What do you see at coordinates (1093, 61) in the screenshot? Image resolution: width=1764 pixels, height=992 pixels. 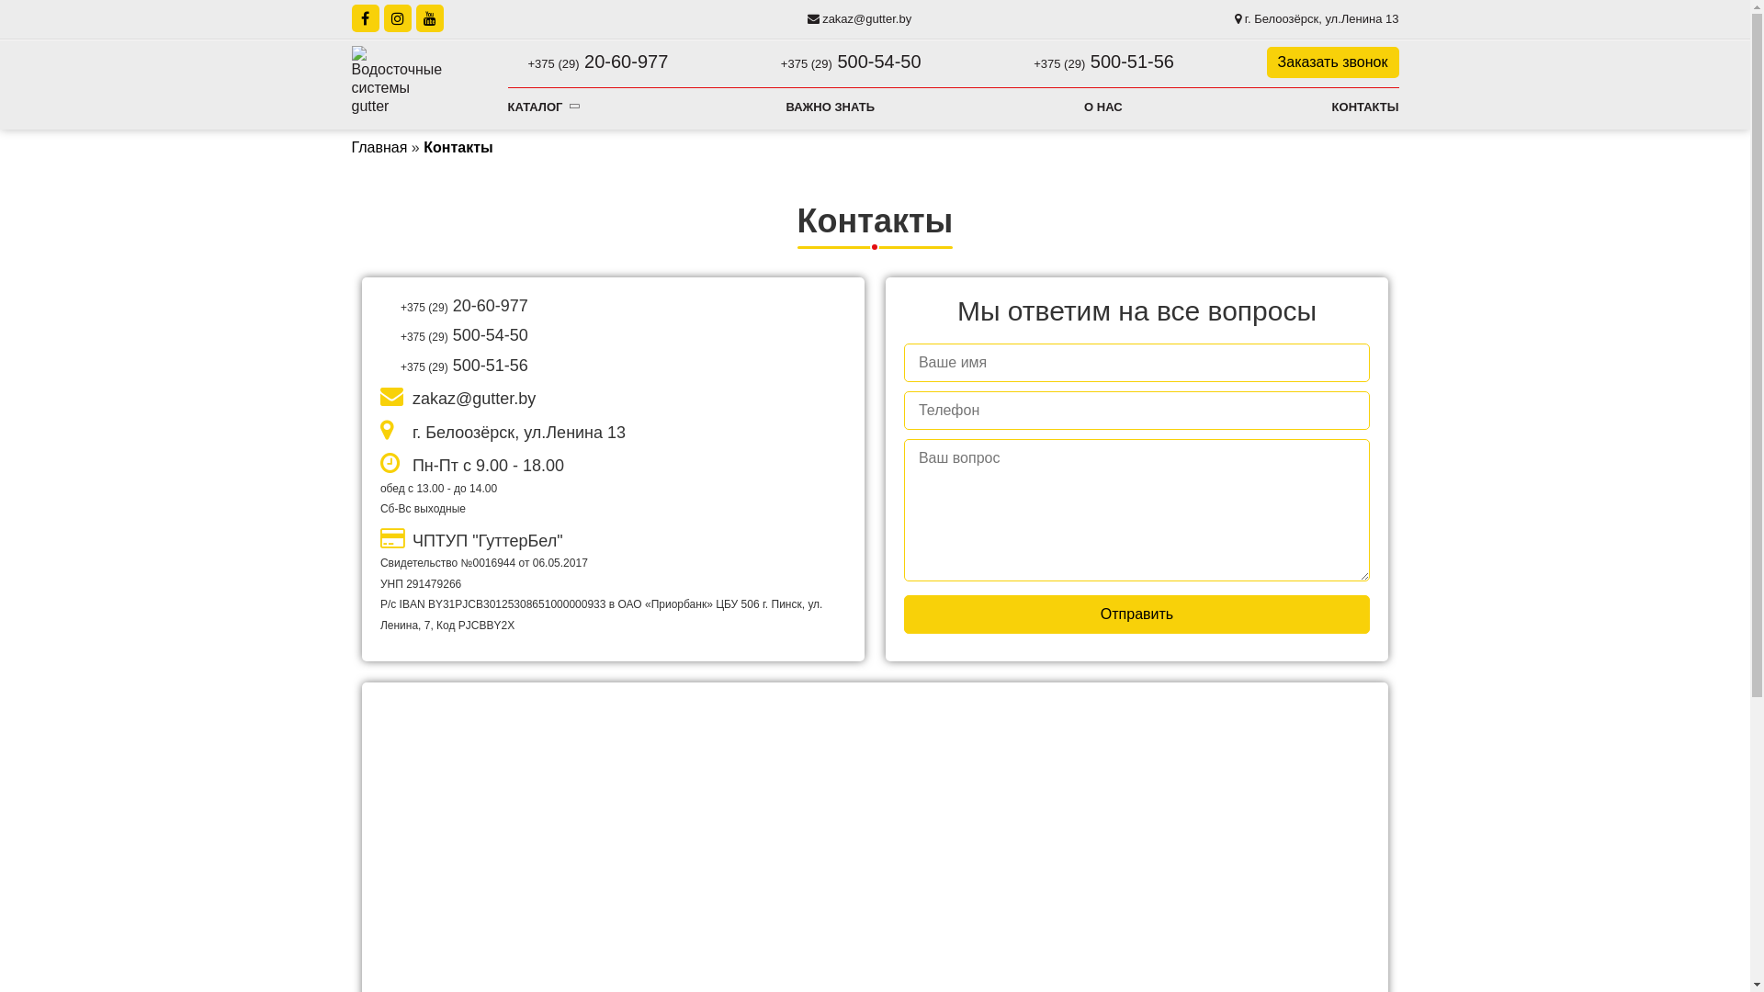 I see `'+375 (29) 500-51-56'` at bounding box center [1093, 61].